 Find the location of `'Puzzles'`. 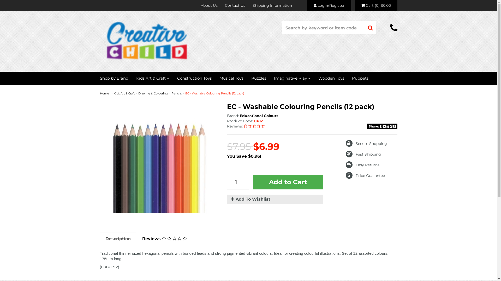

'Puzzles' is located at coordinates (259, 78).